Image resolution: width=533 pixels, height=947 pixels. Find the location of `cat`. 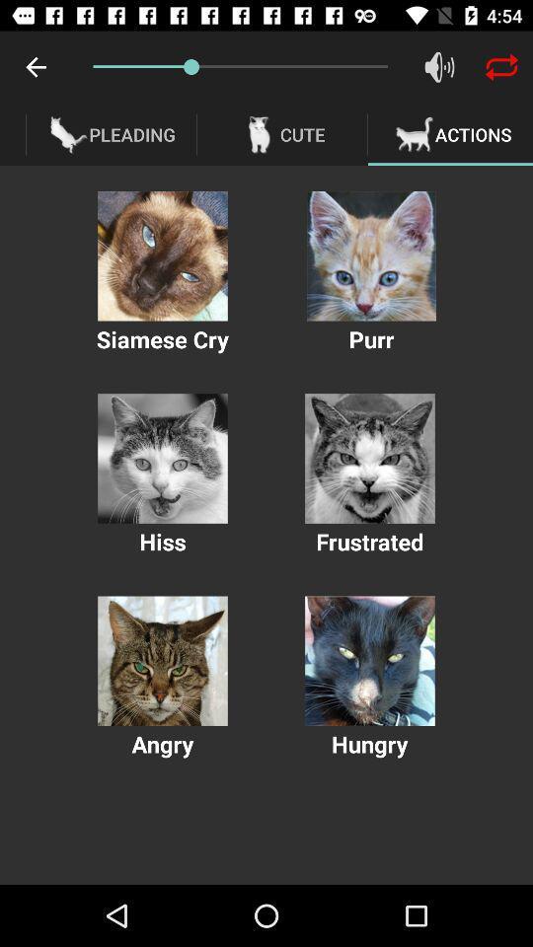

cat is located at coordinates (162, 459).